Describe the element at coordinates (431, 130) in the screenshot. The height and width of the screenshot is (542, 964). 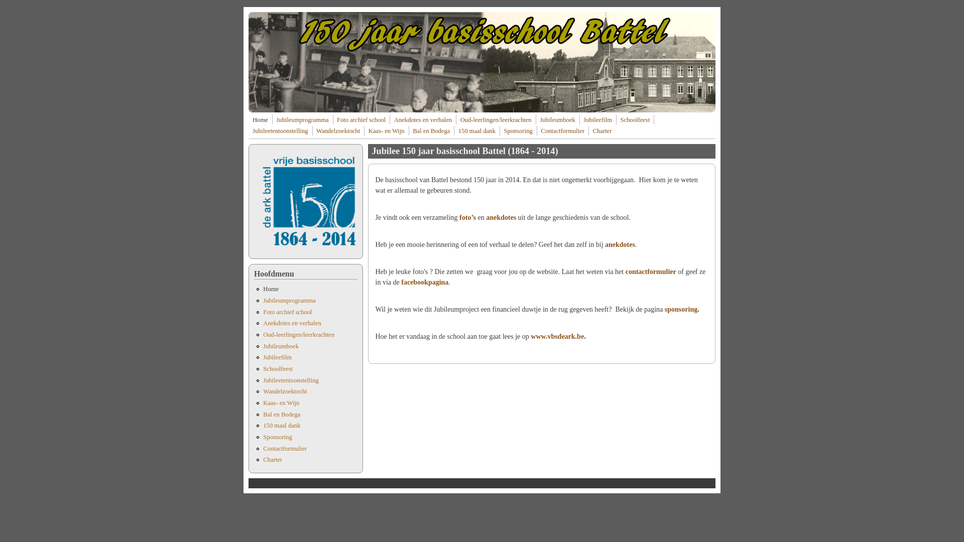
I see `'Bal en Bodega'` at that location.